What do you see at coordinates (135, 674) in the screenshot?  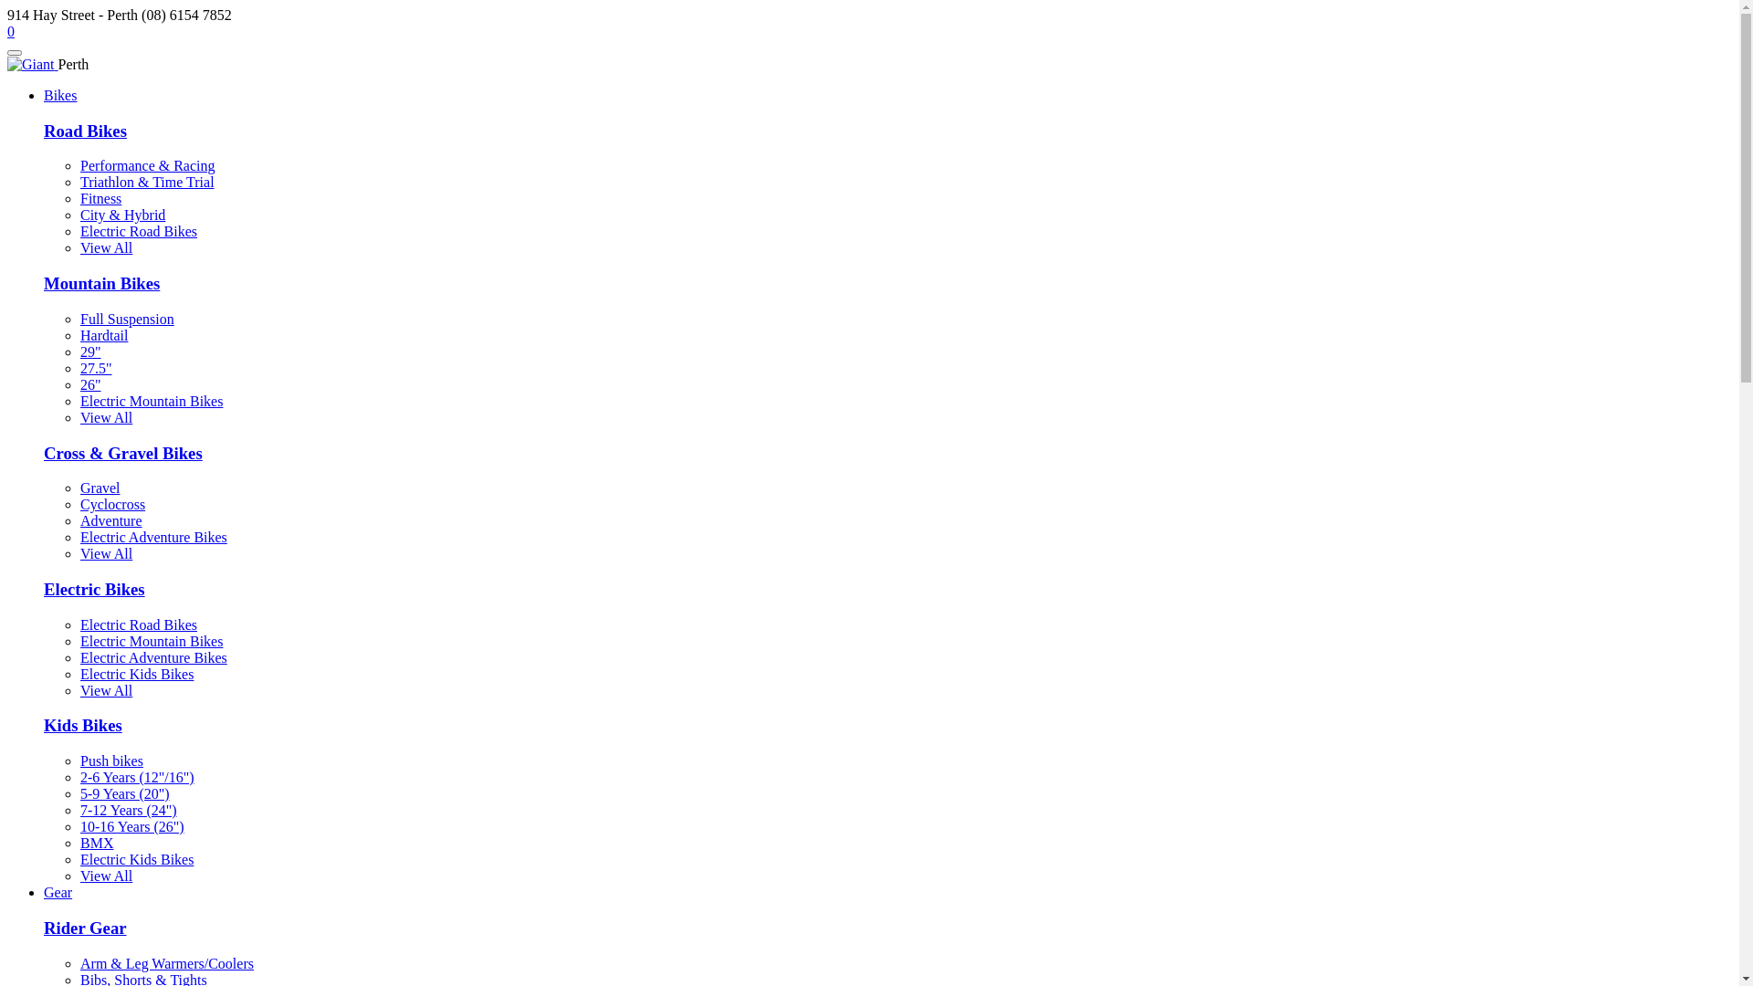 I see `'Electric Kids Bikes'` at bounding box center [135, 674].